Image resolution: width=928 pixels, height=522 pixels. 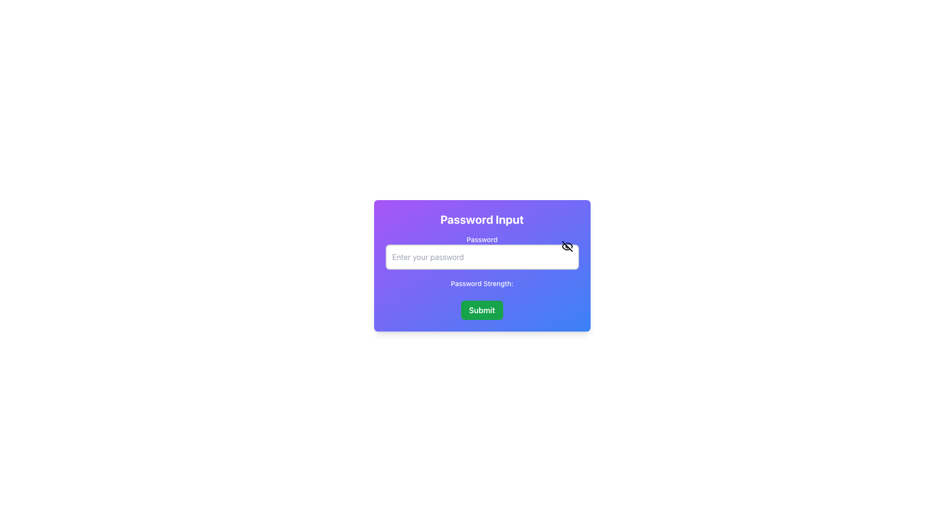 I want to click on Text Label that provides contextual information about the strength of the password entered by the user, located slightly to the left of the page center, immediately below the password input field, so click(x=482, y=283).